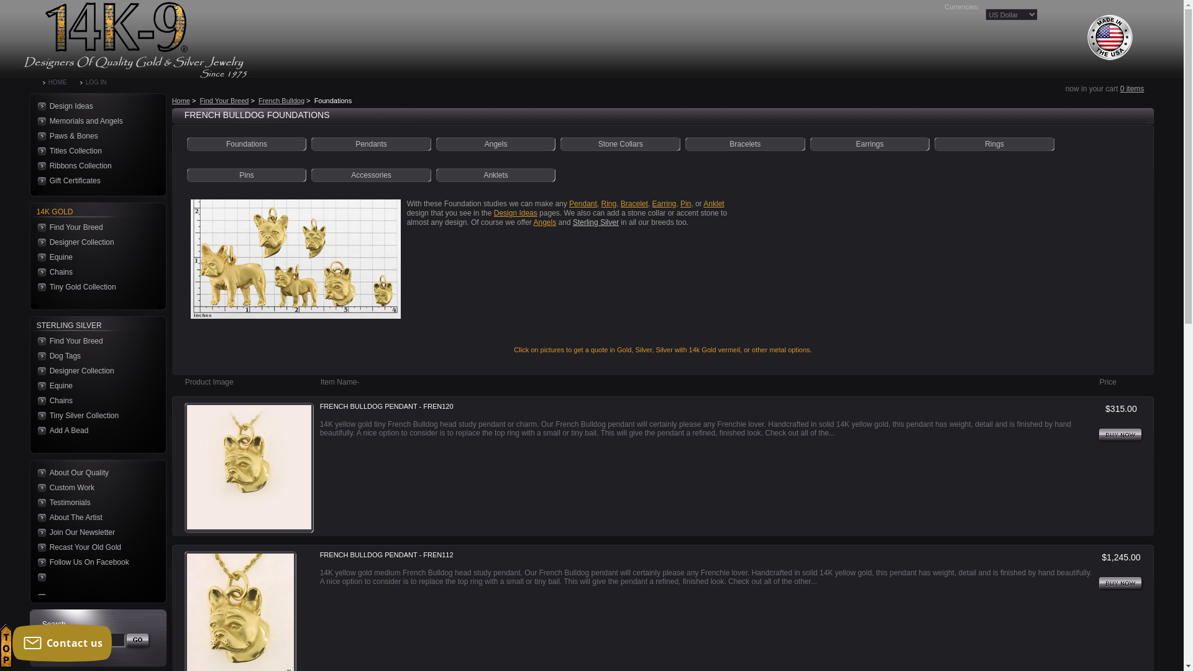  I want to click on 'Item Name-', so click(340, 381).